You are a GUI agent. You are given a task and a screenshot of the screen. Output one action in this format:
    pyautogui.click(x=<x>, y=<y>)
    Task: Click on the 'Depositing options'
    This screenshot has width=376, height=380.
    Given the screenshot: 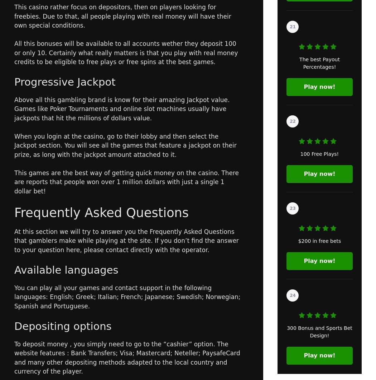 What is the action you would take?
    pyautogui.click(x=14, y=326)
    